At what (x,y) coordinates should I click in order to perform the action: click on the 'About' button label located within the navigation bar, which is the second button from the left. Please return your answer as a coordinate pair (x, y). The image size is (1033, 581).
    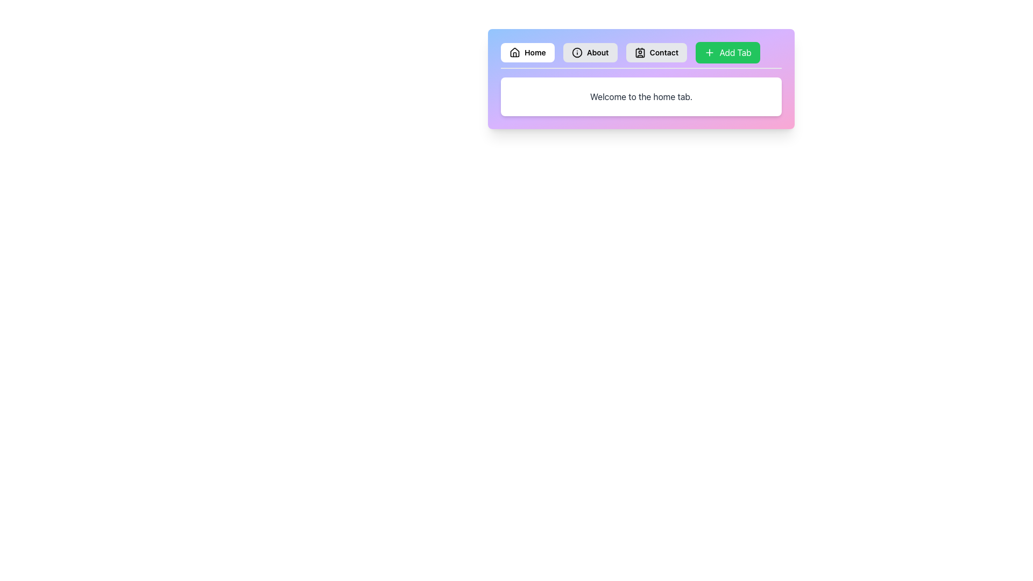
    Looking at the image, I should click on (597, 52).